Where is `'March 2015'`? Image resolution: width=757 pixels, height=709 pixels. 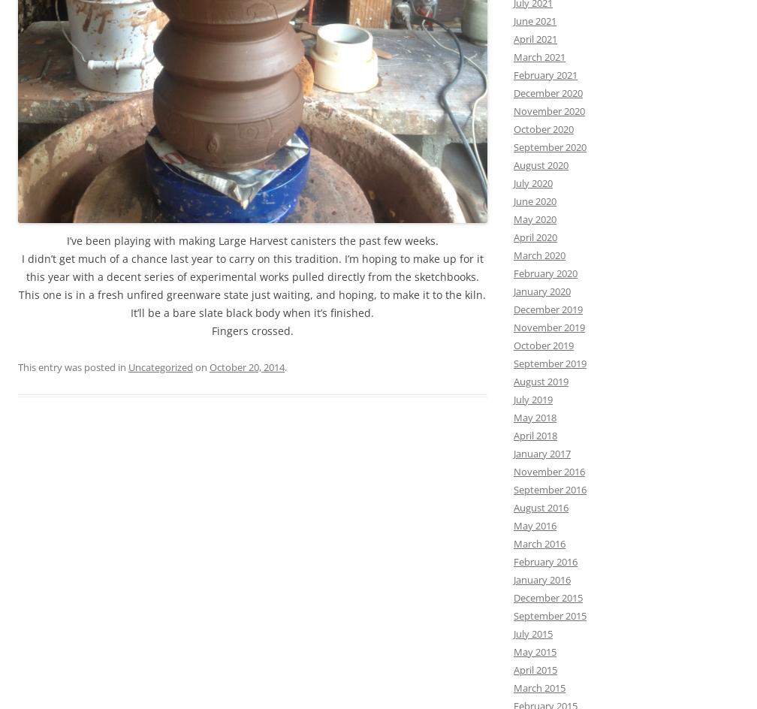 'March 2015' is located at coordinates (539, 686).